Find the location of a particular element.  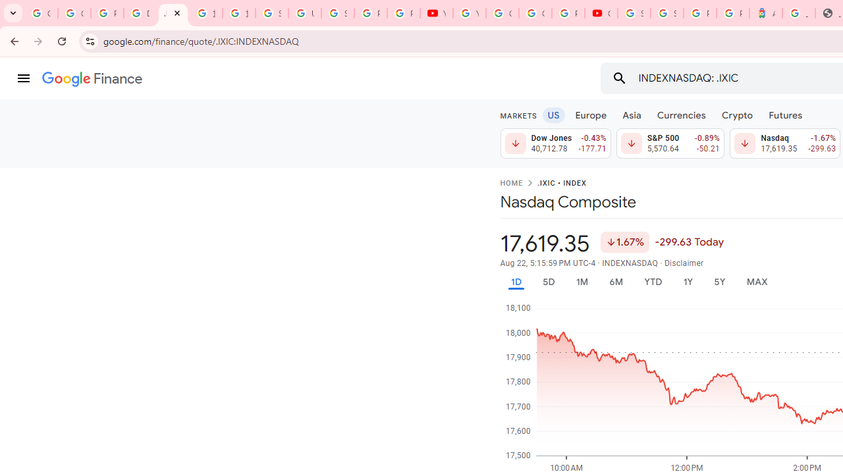

'Finance' is located at coordinates (92, 79).